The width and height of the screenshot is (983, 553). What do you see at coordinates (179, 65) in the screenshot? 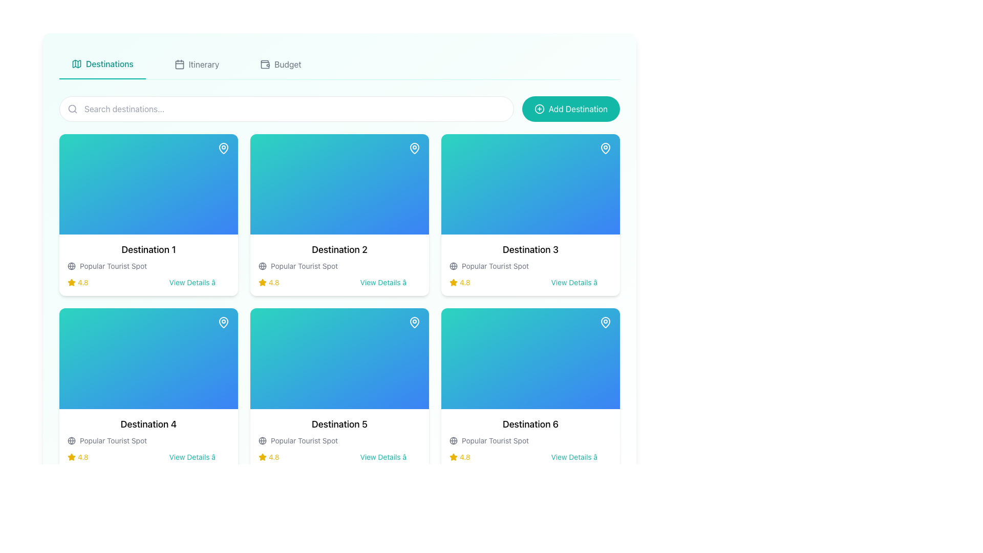
I see `the calendar icon located in the navigation menu, positioned between the 'Destinations' and 'Budget' labels, which supports the 'Itinerary' label` at bounding box center [179, 65].